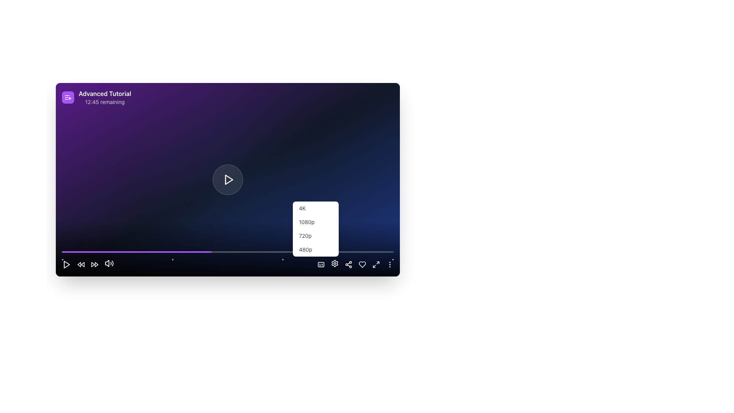 This screenshot has height=413, width=734. Describe the element at coordinates (67, 264) in the screenshot. I see `the play icon, which is a filled triangle pointing to the right with a white outline, located at the bottom center of the video player interface` at that location.